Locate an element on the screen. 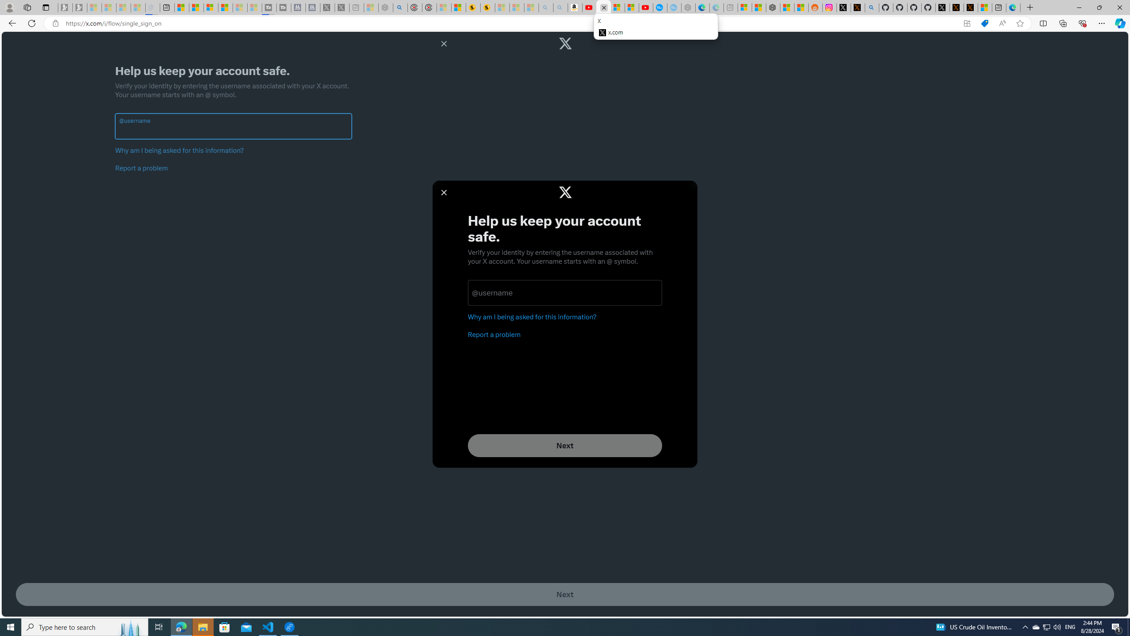  'Shanghai, China Weather trends | Microsoft Weather' is located at coordinates (801, 7).